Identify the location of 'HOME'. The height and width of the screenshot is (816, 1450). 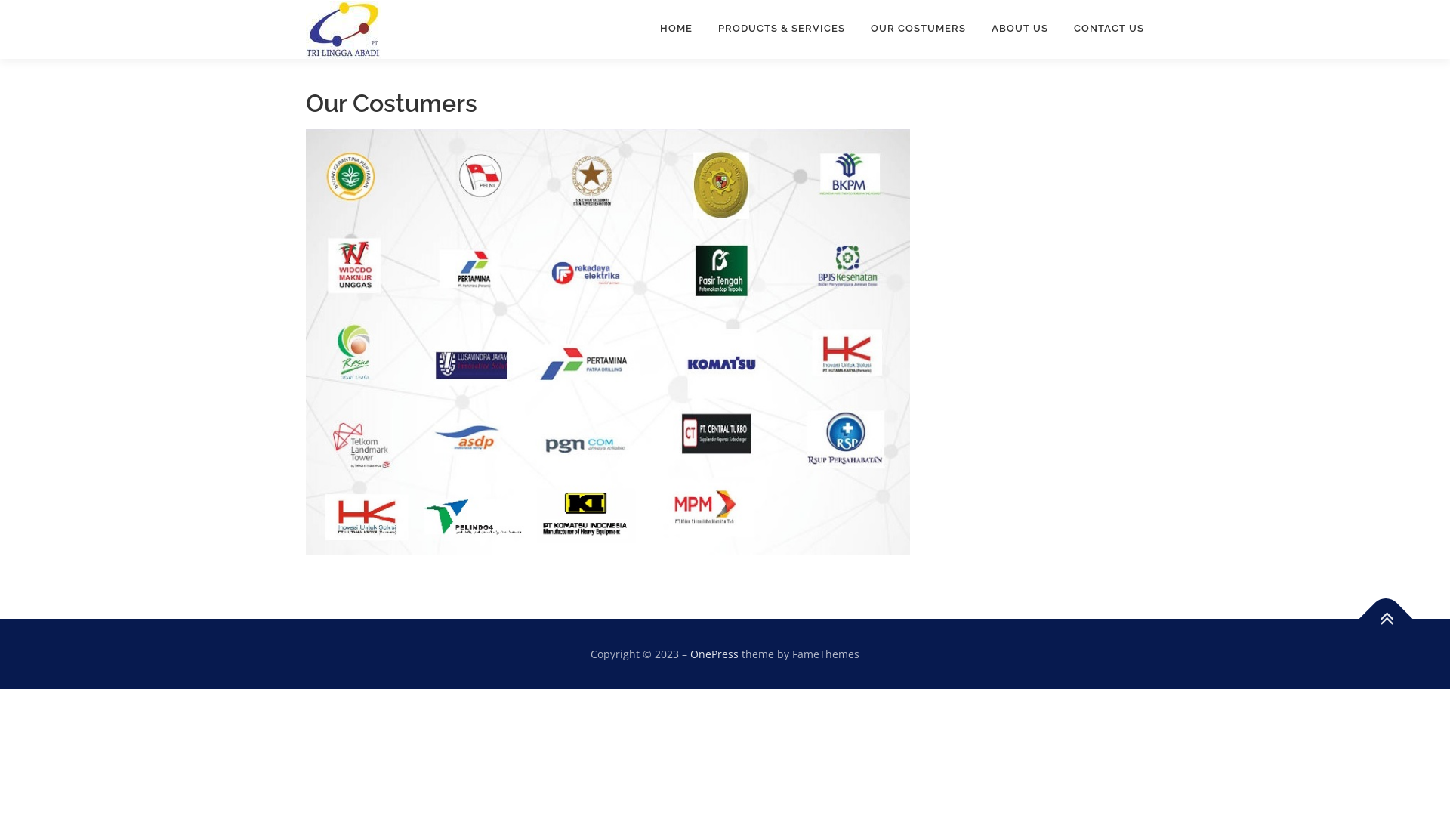
(675, 28).